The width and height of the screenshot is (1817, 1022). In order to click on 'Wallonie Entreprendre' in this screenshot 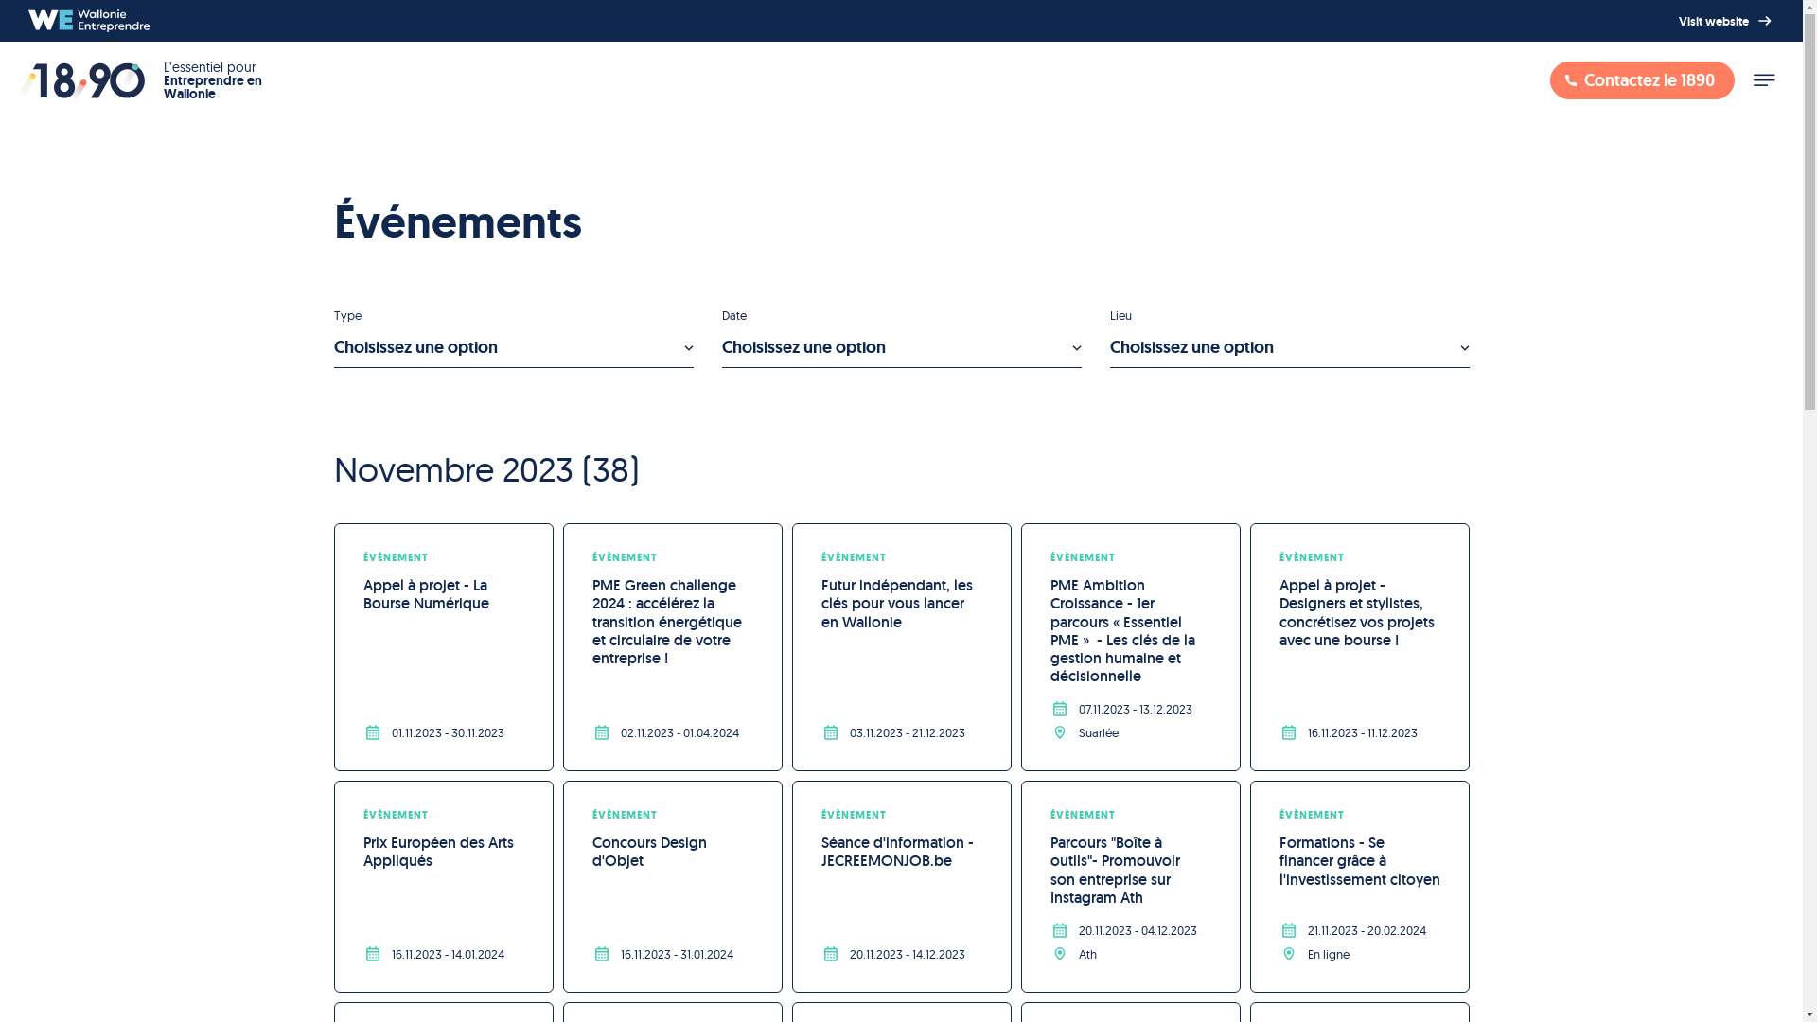, I will do `click(88, 21)`.